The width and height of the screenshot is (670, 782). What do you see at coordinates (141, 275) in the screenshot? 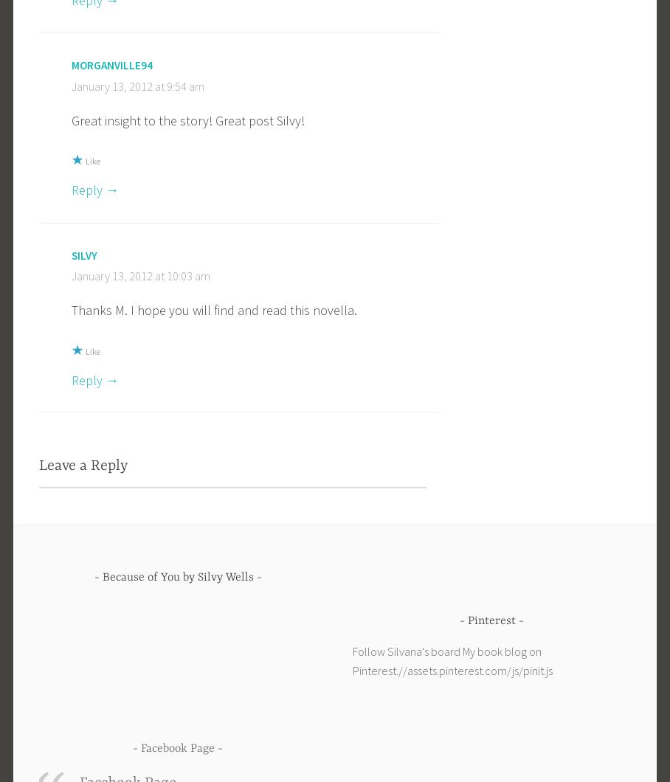
I see `'January 13, 2012 at 10:03 am'` at bounding box center [141, 275].